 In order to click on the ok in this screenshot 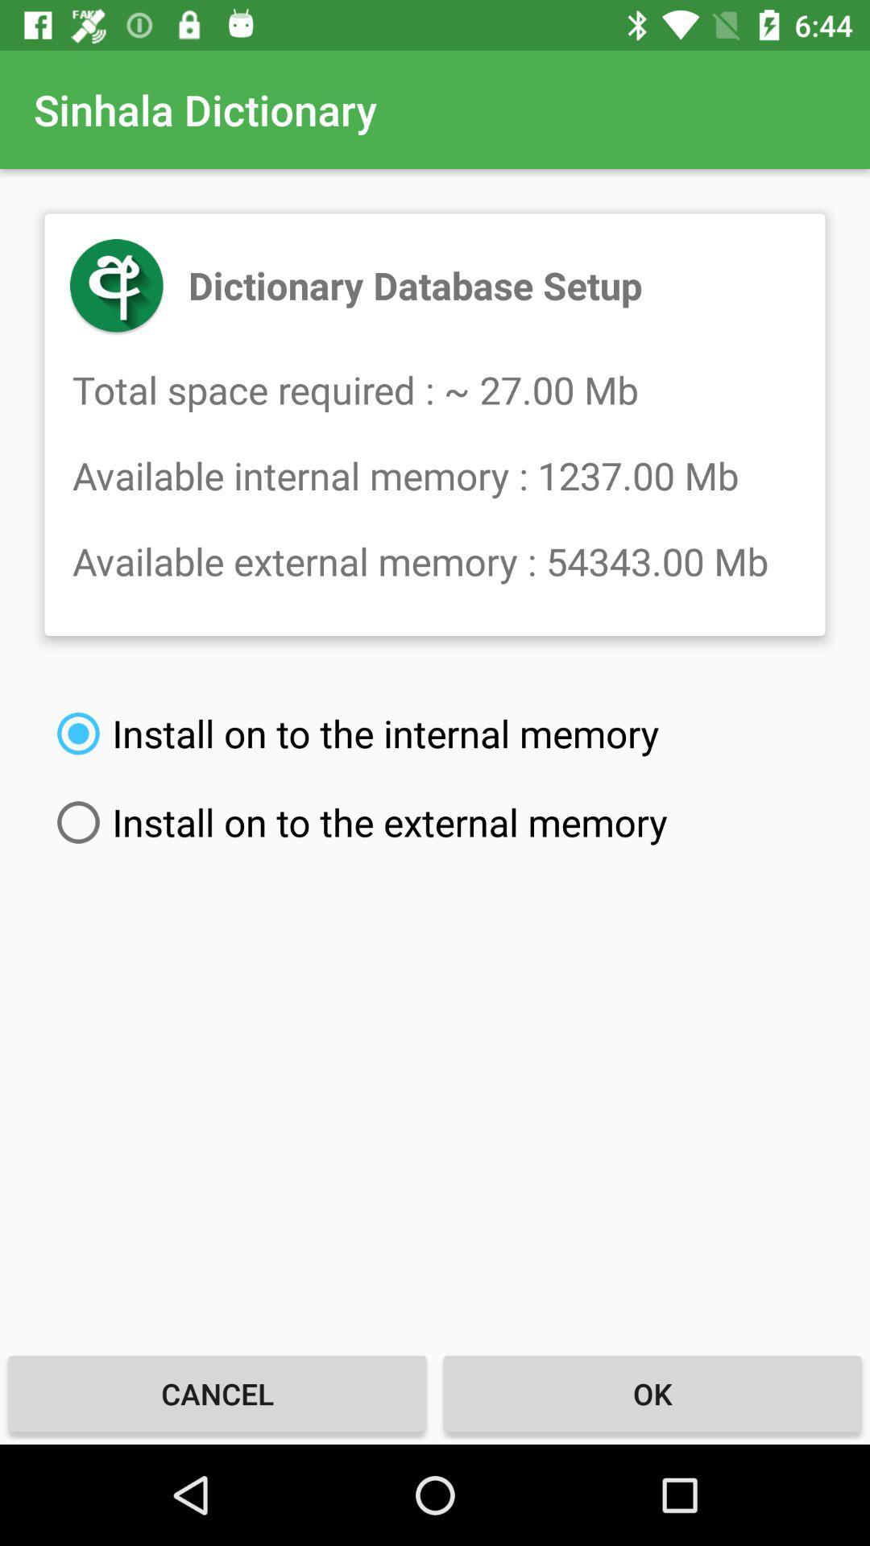, I will do `click(652, 1393)`.